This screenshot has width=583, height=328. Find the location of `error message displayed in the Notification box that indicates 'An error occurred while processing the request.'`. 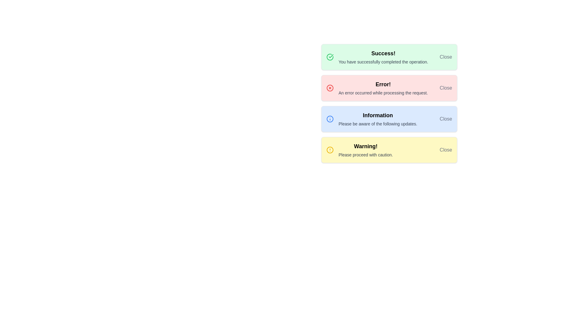

error message displayed in the Notification box that indicates 'An error occurred while processing the request.' is located at coordinates (389, 88).